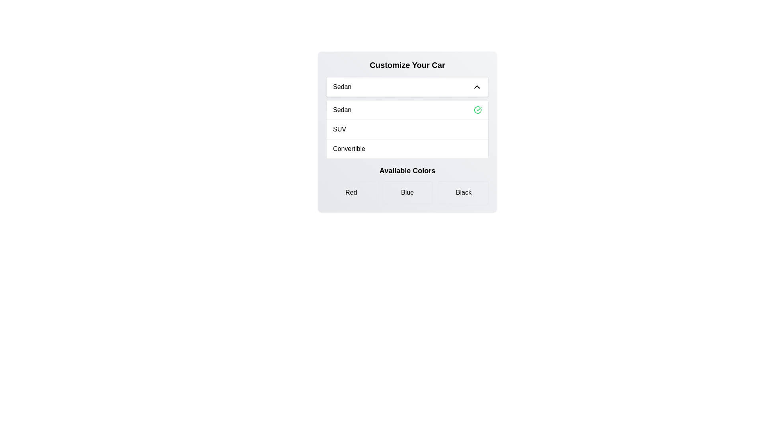  What do you see at coordinates (351, 193) in the screenshot?
I see `the non-interactive color selection button for the 'Red' option, which is the first button in a grid layout under the 'Available Colors' section` at bounding box center [351, 193].